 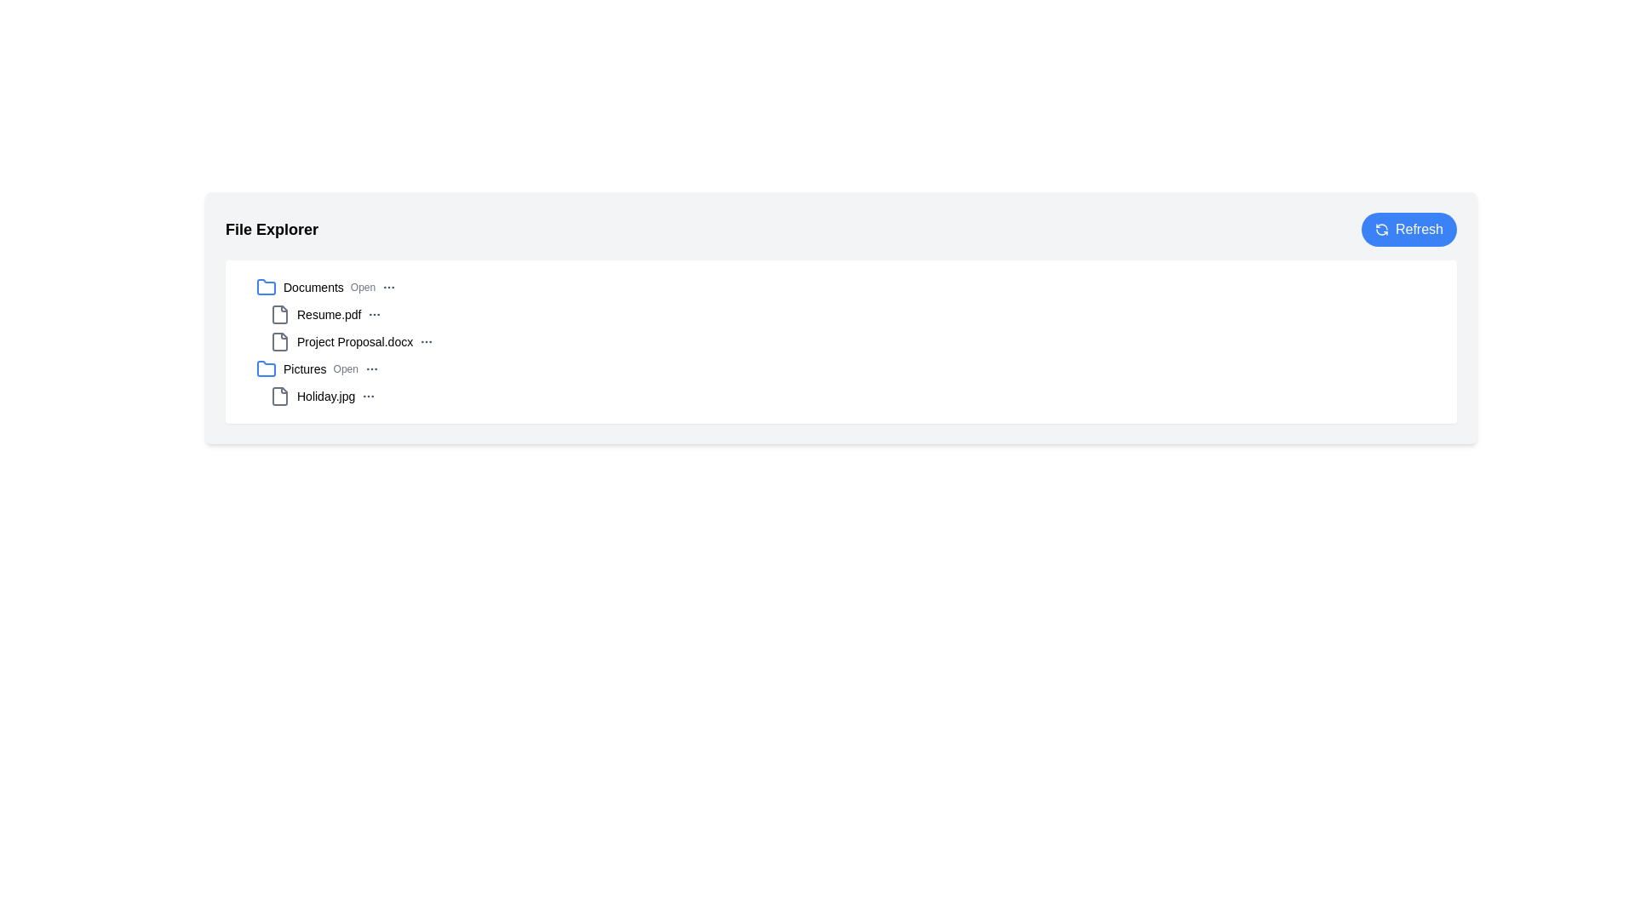 I want to click on the small, circular ellipsis button with three evenly spaced dots, located to the right of the 'Open' text, so click(x=388, y=287).